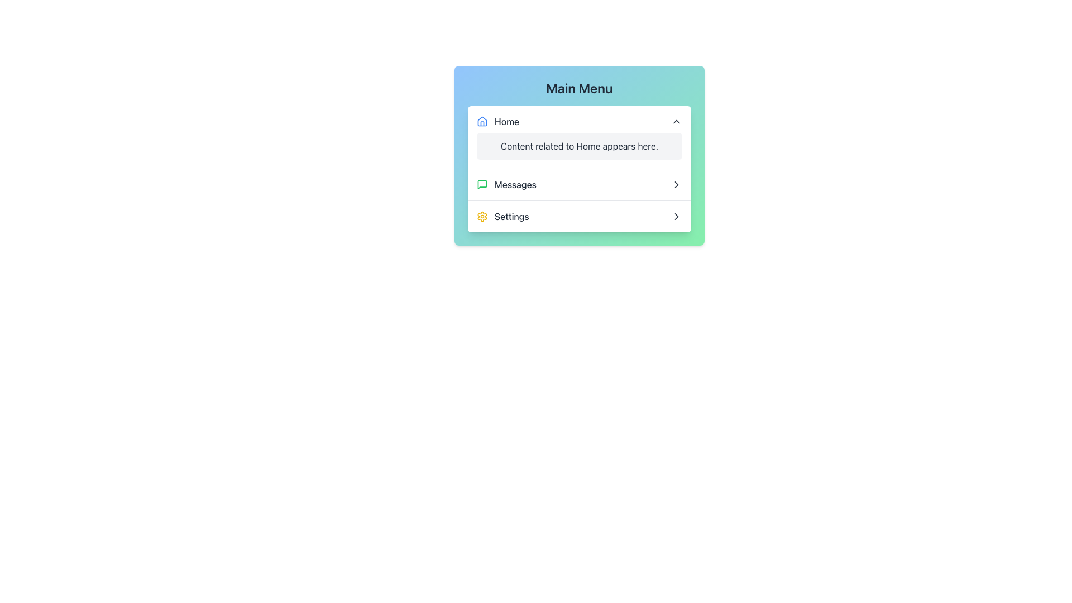 This screenshot has height=603, width=1072. What do you see at coordinates (579, 184) in the screenshot?
I see `the 'Messages' button located in the Main Menu card` at bounding box center [579, 184].